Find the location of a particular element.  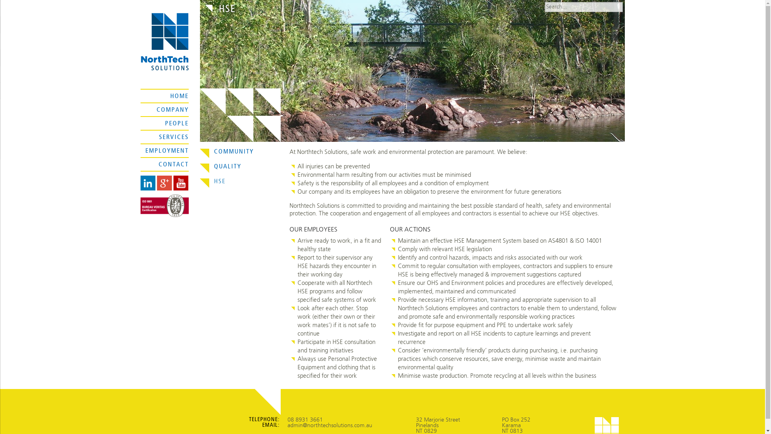

'SERVICES' is located at coordinates (159, 137).